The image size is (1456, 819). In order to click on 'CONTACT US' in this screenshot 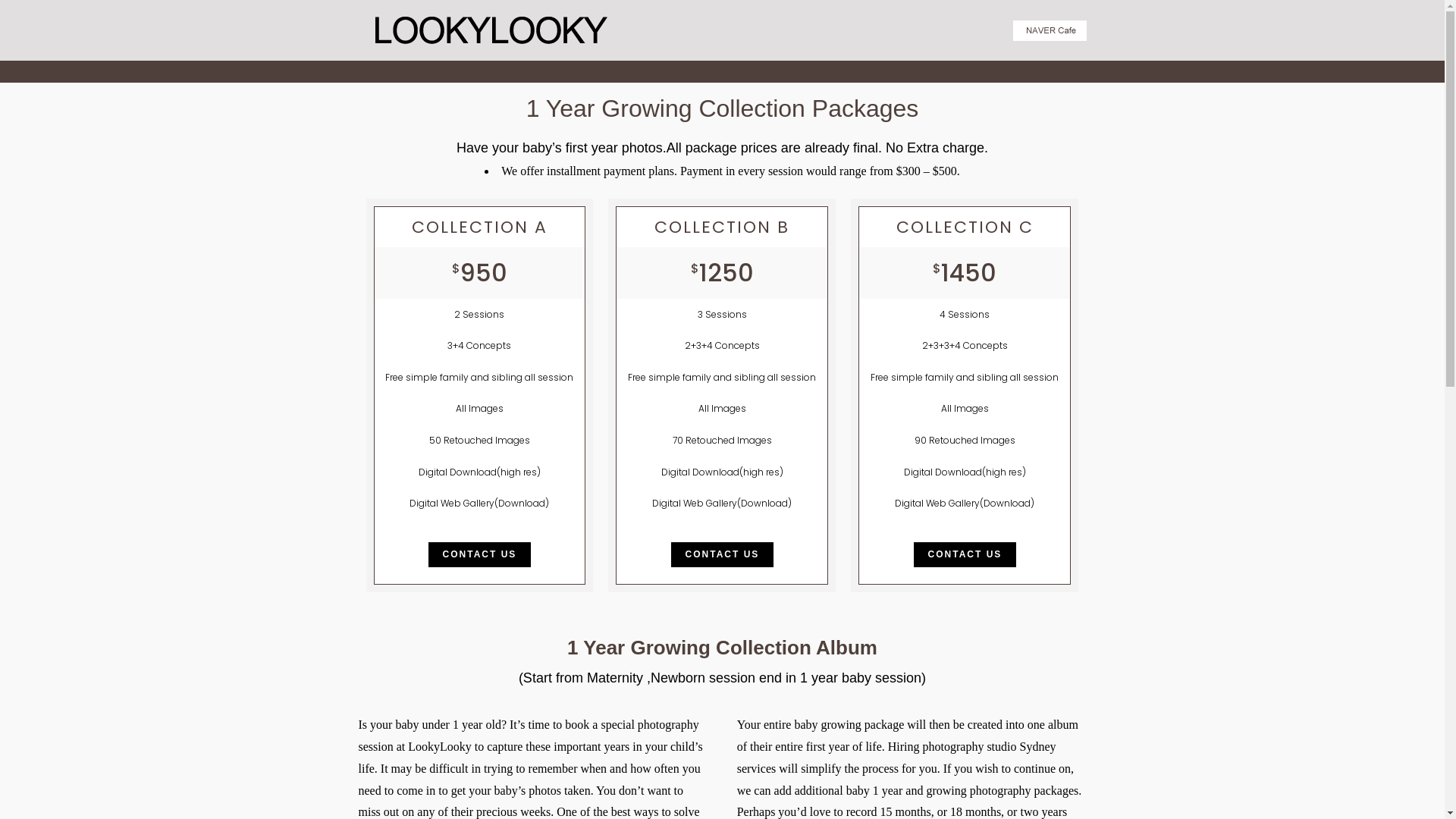, I will do `click(722, 554)`.